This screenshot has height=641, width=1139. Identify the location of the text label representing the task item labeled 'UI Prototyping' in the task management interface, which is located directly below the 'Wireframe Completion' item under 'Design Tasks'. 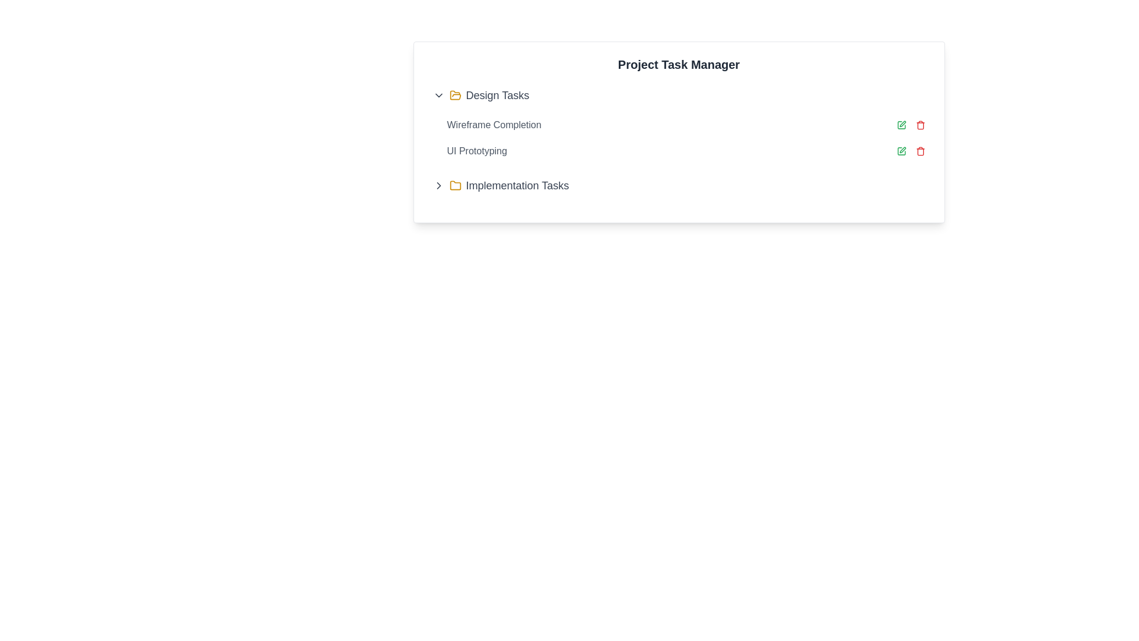
(477, 150).